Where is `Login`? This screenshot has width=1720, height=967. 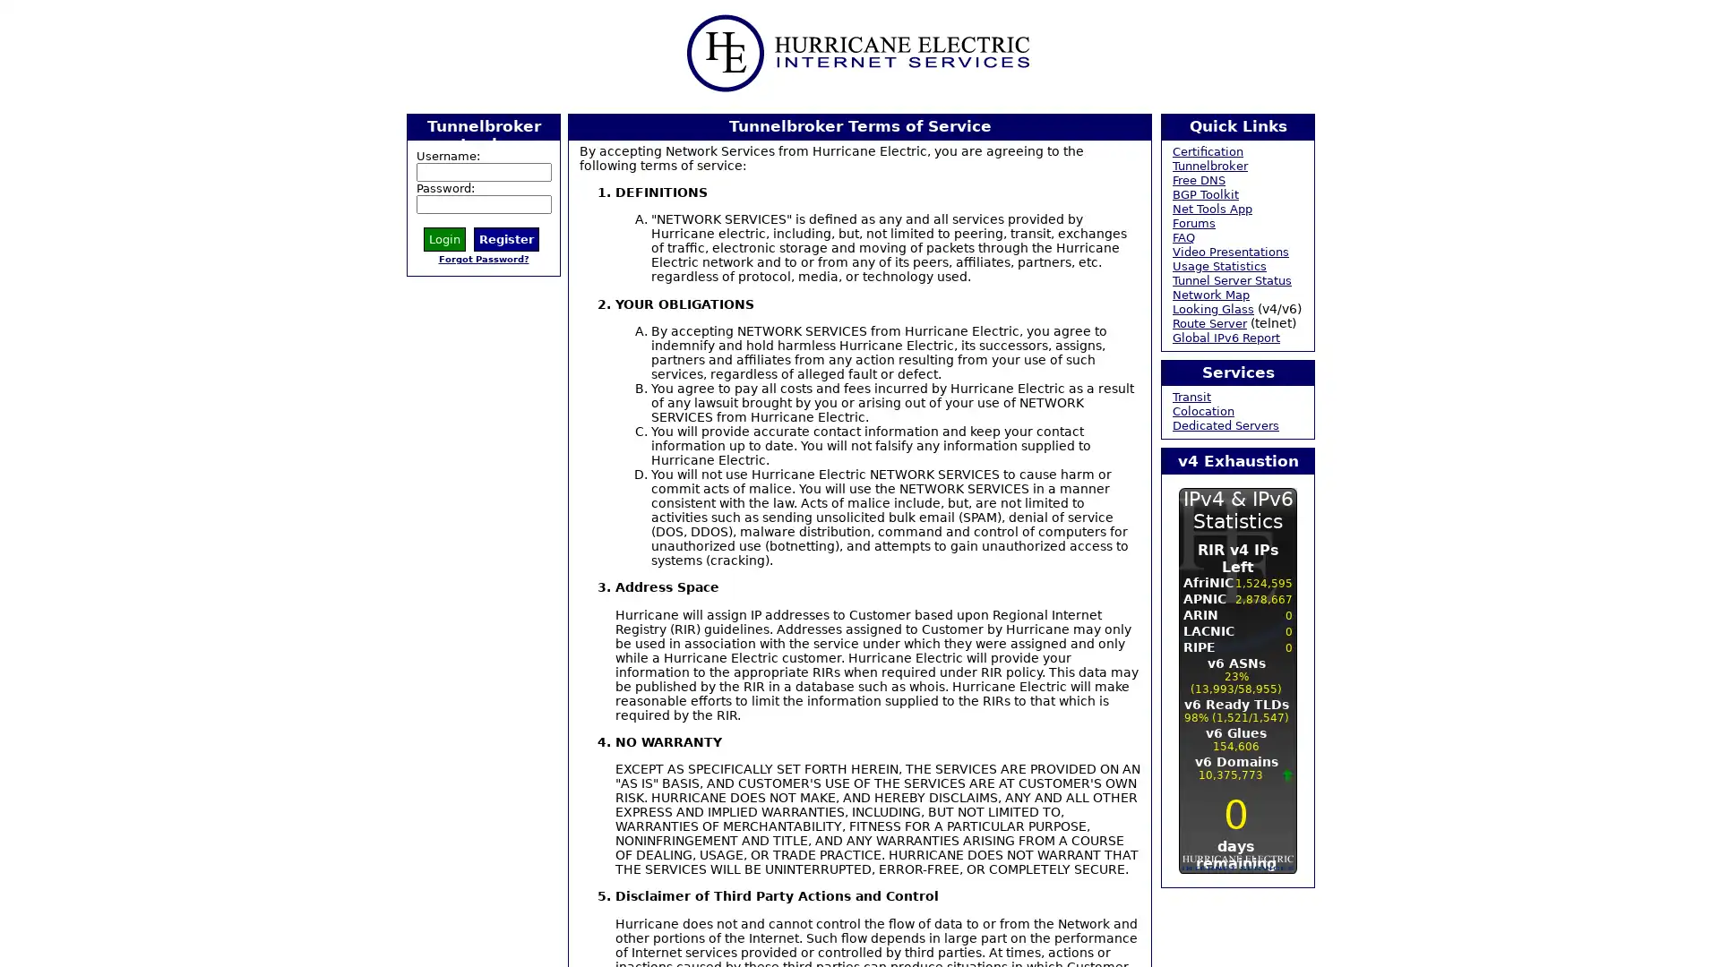
Login is located at coordinates (444, 237).